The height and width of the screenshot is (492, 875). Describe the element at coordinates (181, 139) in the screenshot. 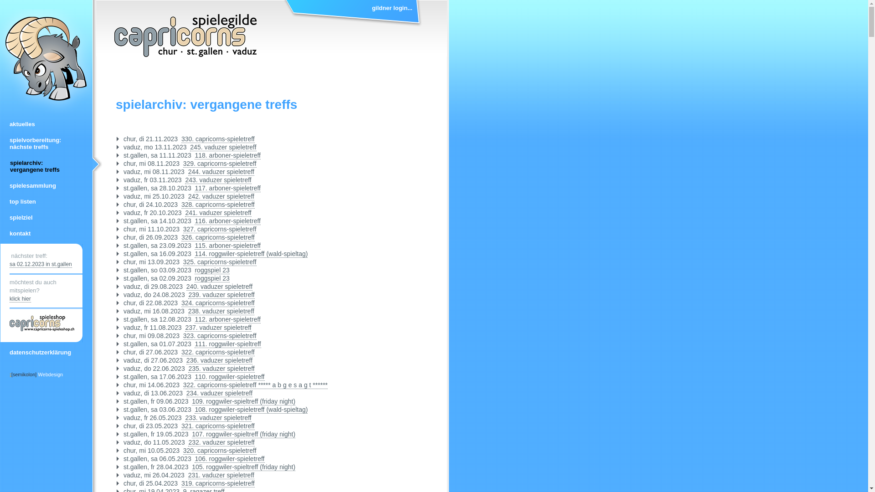

I see `'330. capricorns-spieletreff'` at that location.